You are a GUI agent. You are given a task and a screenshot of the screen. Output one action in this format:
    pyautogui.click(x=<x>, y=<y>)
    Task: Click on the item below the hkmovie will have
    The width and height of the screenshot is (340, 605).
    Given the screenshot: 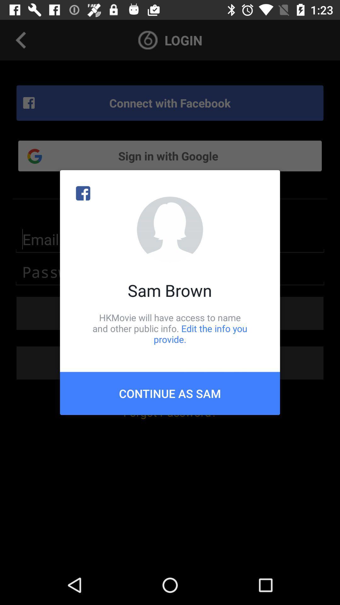 What is the action you would take?
    pyautogui.click(x=170, y=393)
    